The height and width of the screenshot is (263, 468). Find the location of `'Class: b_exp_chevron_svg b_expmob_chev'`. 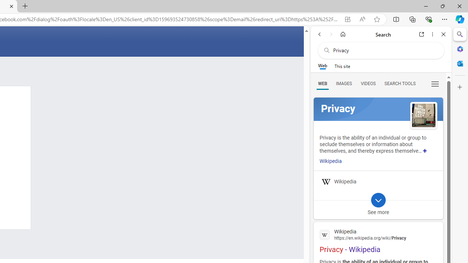

'Class: b_exp_chevron_svg b_expmob_chev' is located at coordinates (378, 200).